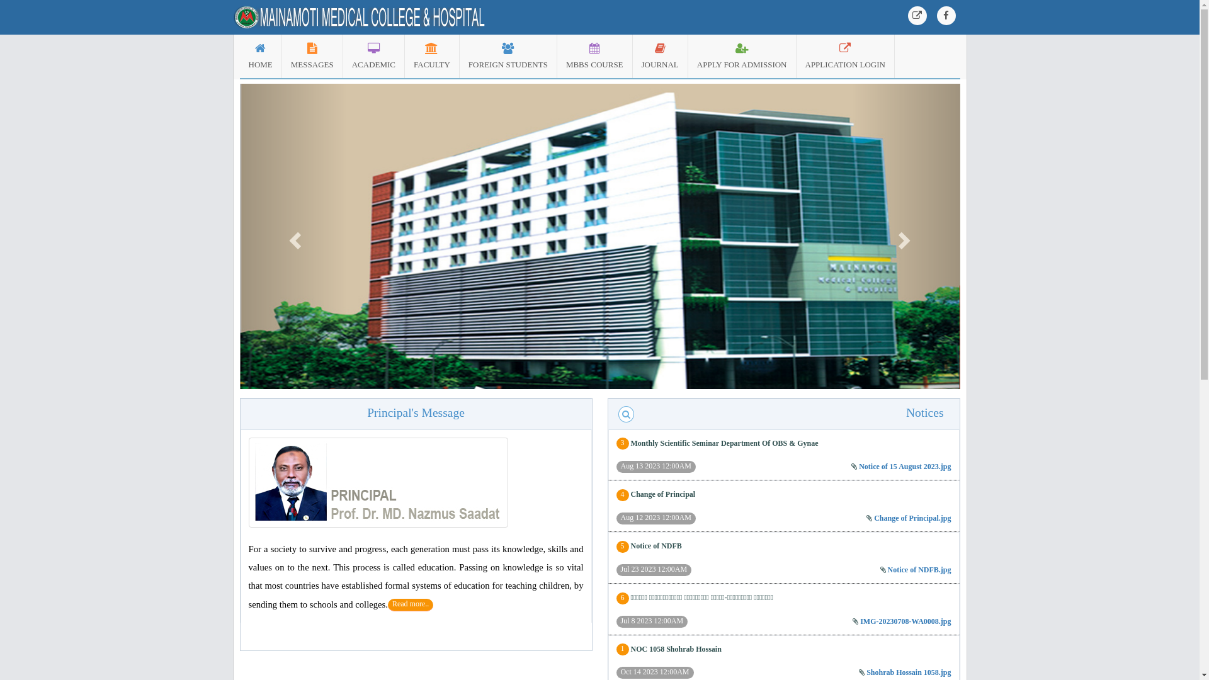  I want to click on 'Notice of NDFB.jpg', so click(919, 570).